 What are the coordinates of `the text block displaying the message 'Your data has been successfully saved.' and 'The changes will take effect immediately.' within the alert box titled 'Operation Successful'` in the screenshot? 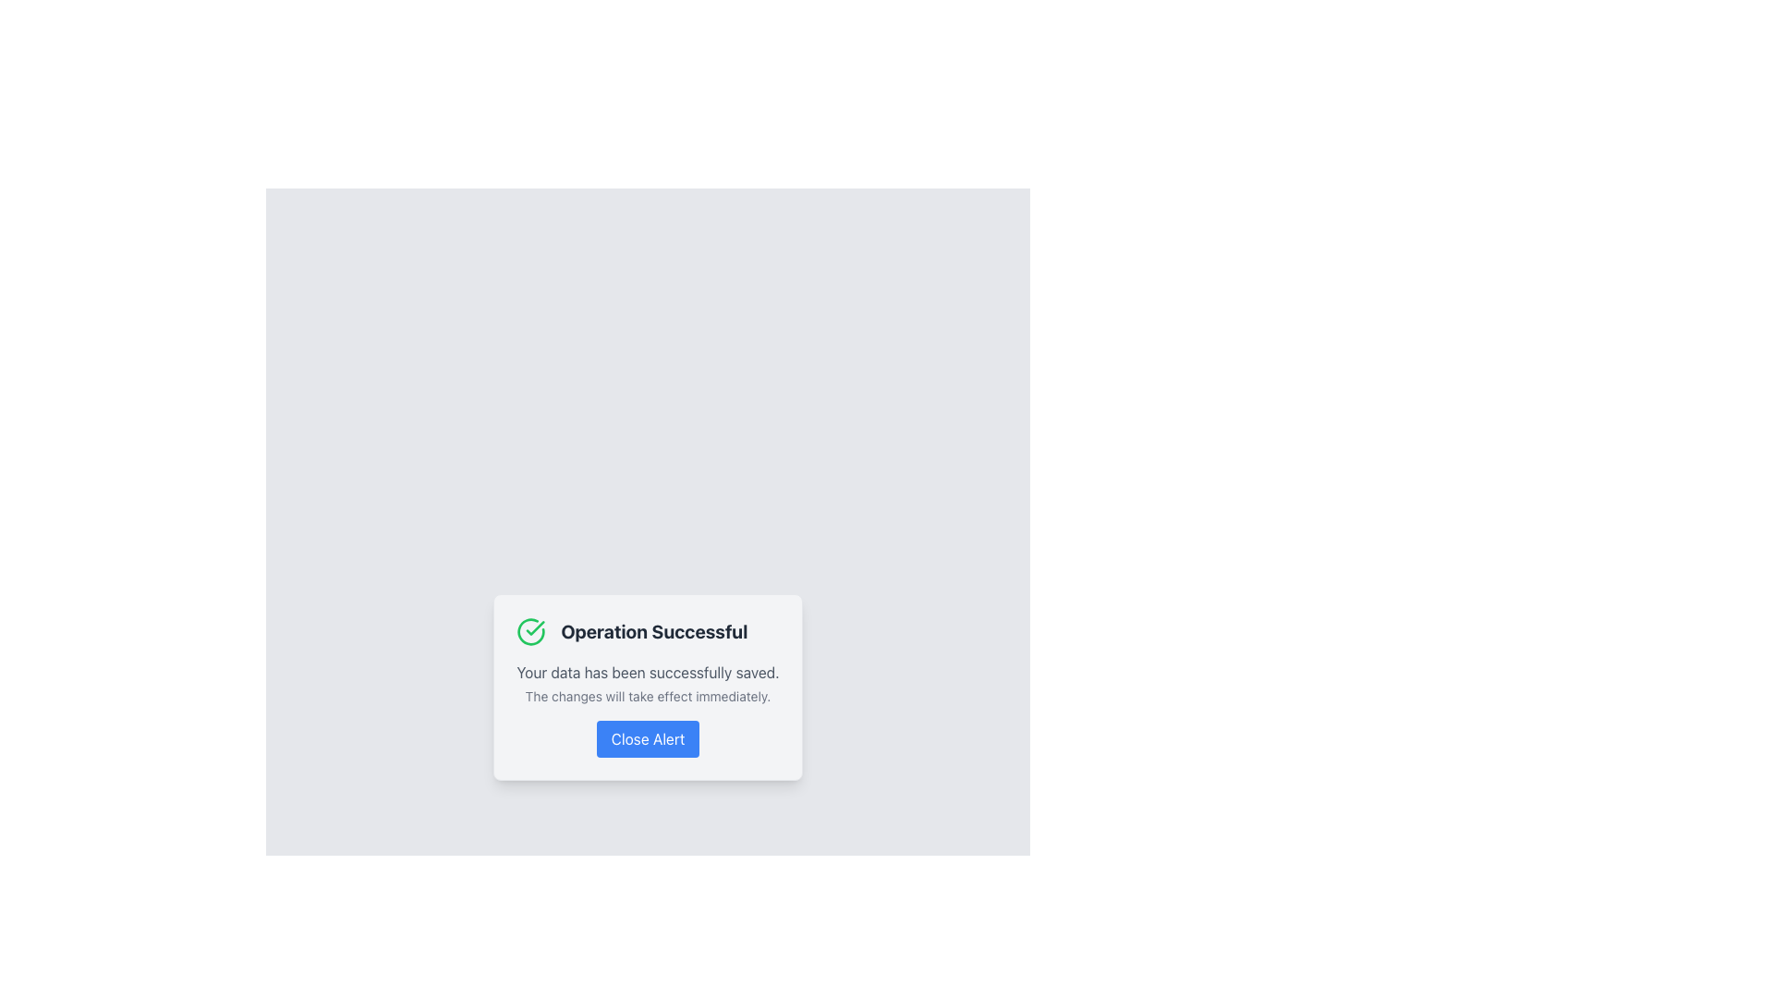 It's located at (648, 684).